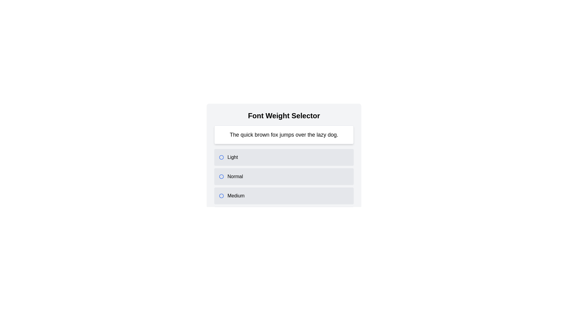 The height and width of the screenshot is (325, 577). What do you see at coordinates (284, 176) in the screenshot?
I see `the 'Normal' option from the 'Font Weight Selector' radio selection list, which is the second option in the list of choices` at bounding box center [284, 176].